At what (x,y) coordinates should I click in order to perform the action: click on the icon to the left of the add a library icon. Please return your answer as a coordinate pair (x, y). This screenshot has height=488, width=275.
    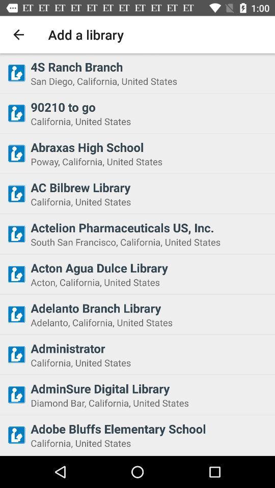
    Looking at the image, I should click on (18, 35).